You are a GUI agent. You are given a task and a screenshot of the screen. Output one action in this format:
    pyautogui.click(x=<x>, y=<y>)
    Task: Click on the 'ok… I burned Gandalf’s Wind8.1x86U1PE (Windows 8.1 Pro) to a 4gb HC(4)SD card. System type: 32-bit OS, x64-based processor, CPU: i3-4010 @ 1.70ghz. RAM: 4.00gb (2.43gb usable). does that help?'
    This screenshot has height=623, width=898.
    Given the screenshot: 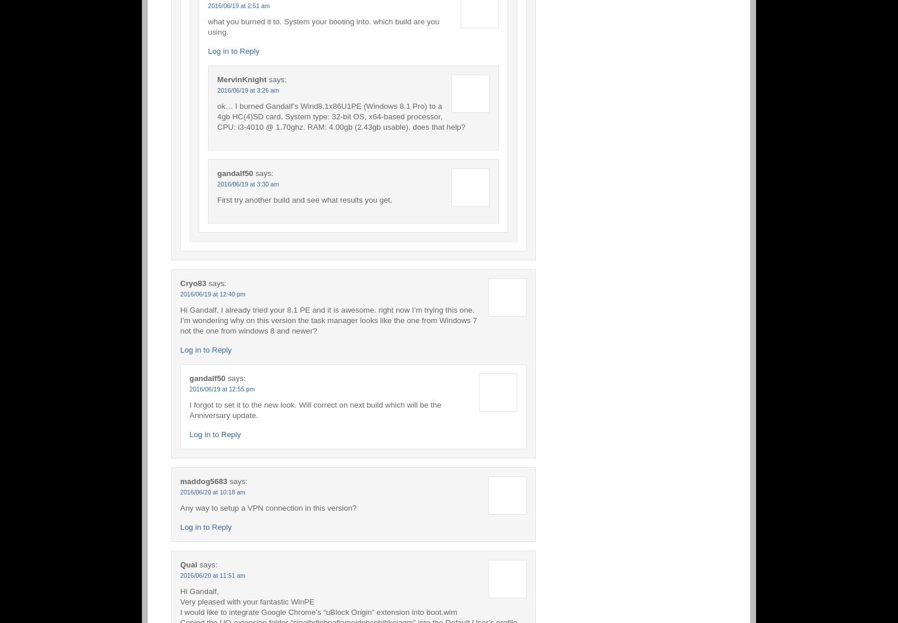 What is the action you would take?
    pyautogui.click(x=216, y=115)
    